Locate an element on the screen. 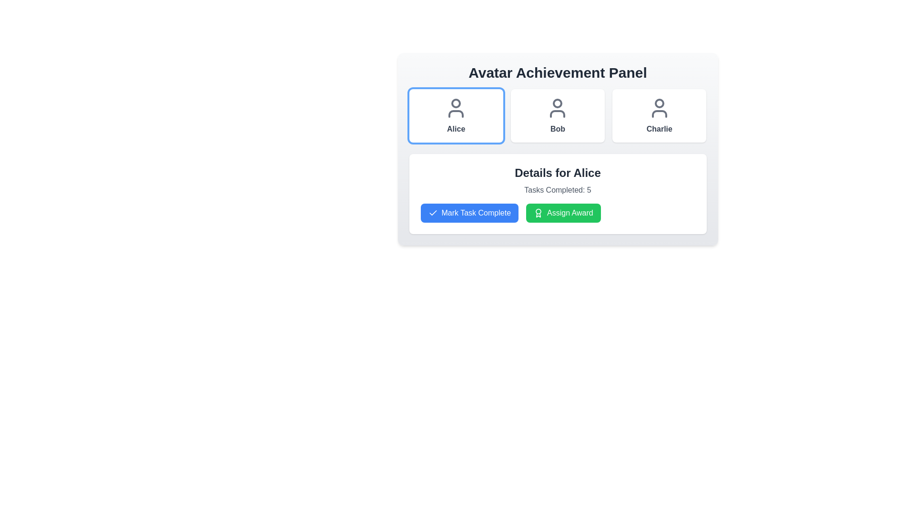  the user avatar icon located at the top of the card labeled 'Bob' in the Avatar Achievement Panel is located at coordinates (558, 108).